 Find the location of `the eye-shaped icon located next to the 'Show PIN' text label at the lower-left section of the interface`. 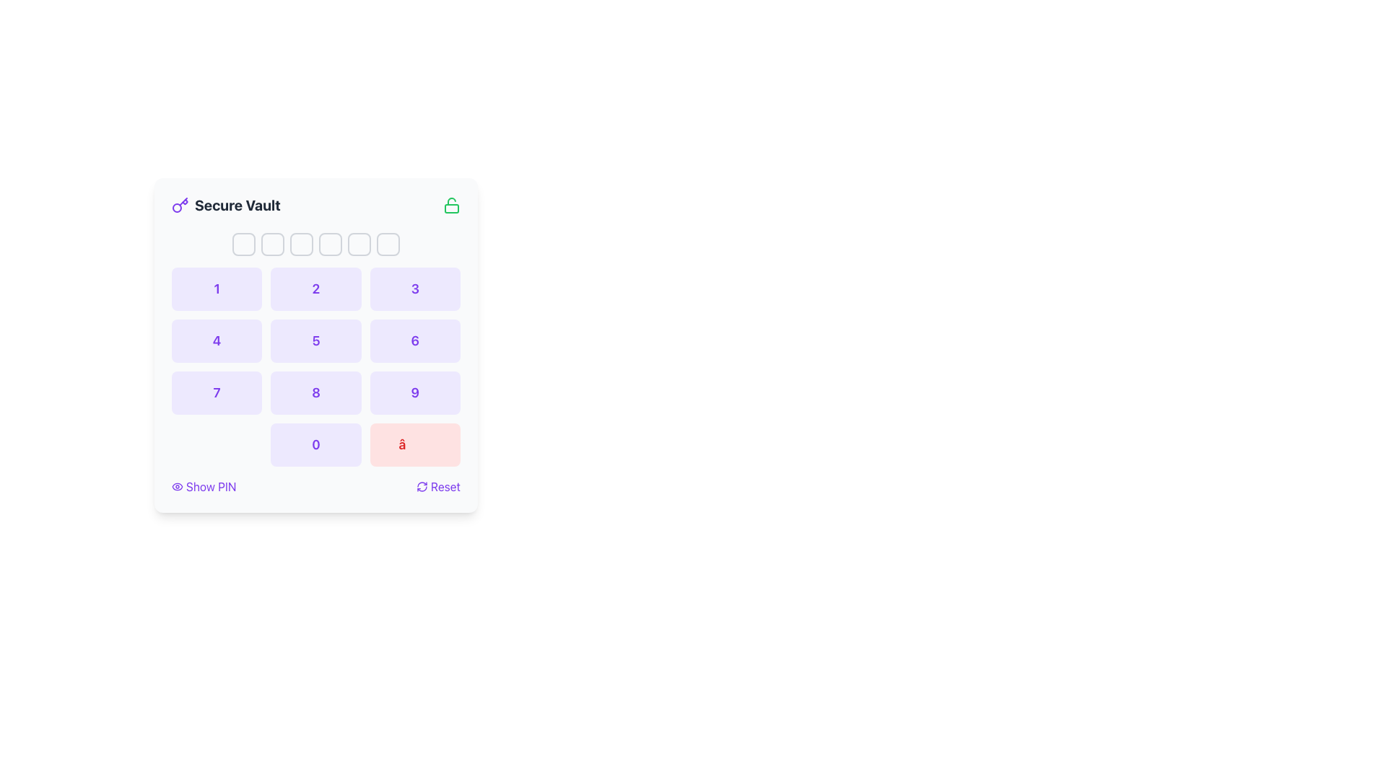

the eye-shaped icon located next to the 'Show PIN' text label at the lower-left section of the interface is located at coordinates (176, 487).